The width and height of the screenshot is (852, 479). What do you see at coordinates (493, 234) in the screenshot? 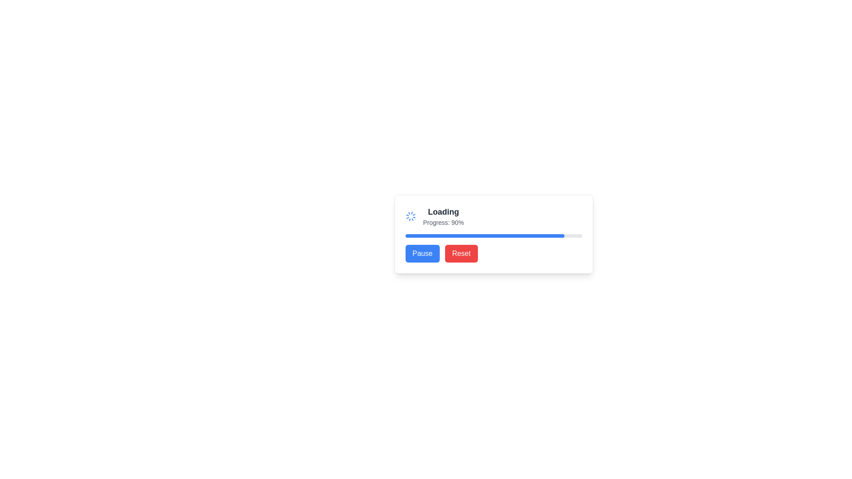
I see `progress status displayed on the central progress bar component, which includes text labels indicating the loading or progress status` at bounding box center [493, 234].